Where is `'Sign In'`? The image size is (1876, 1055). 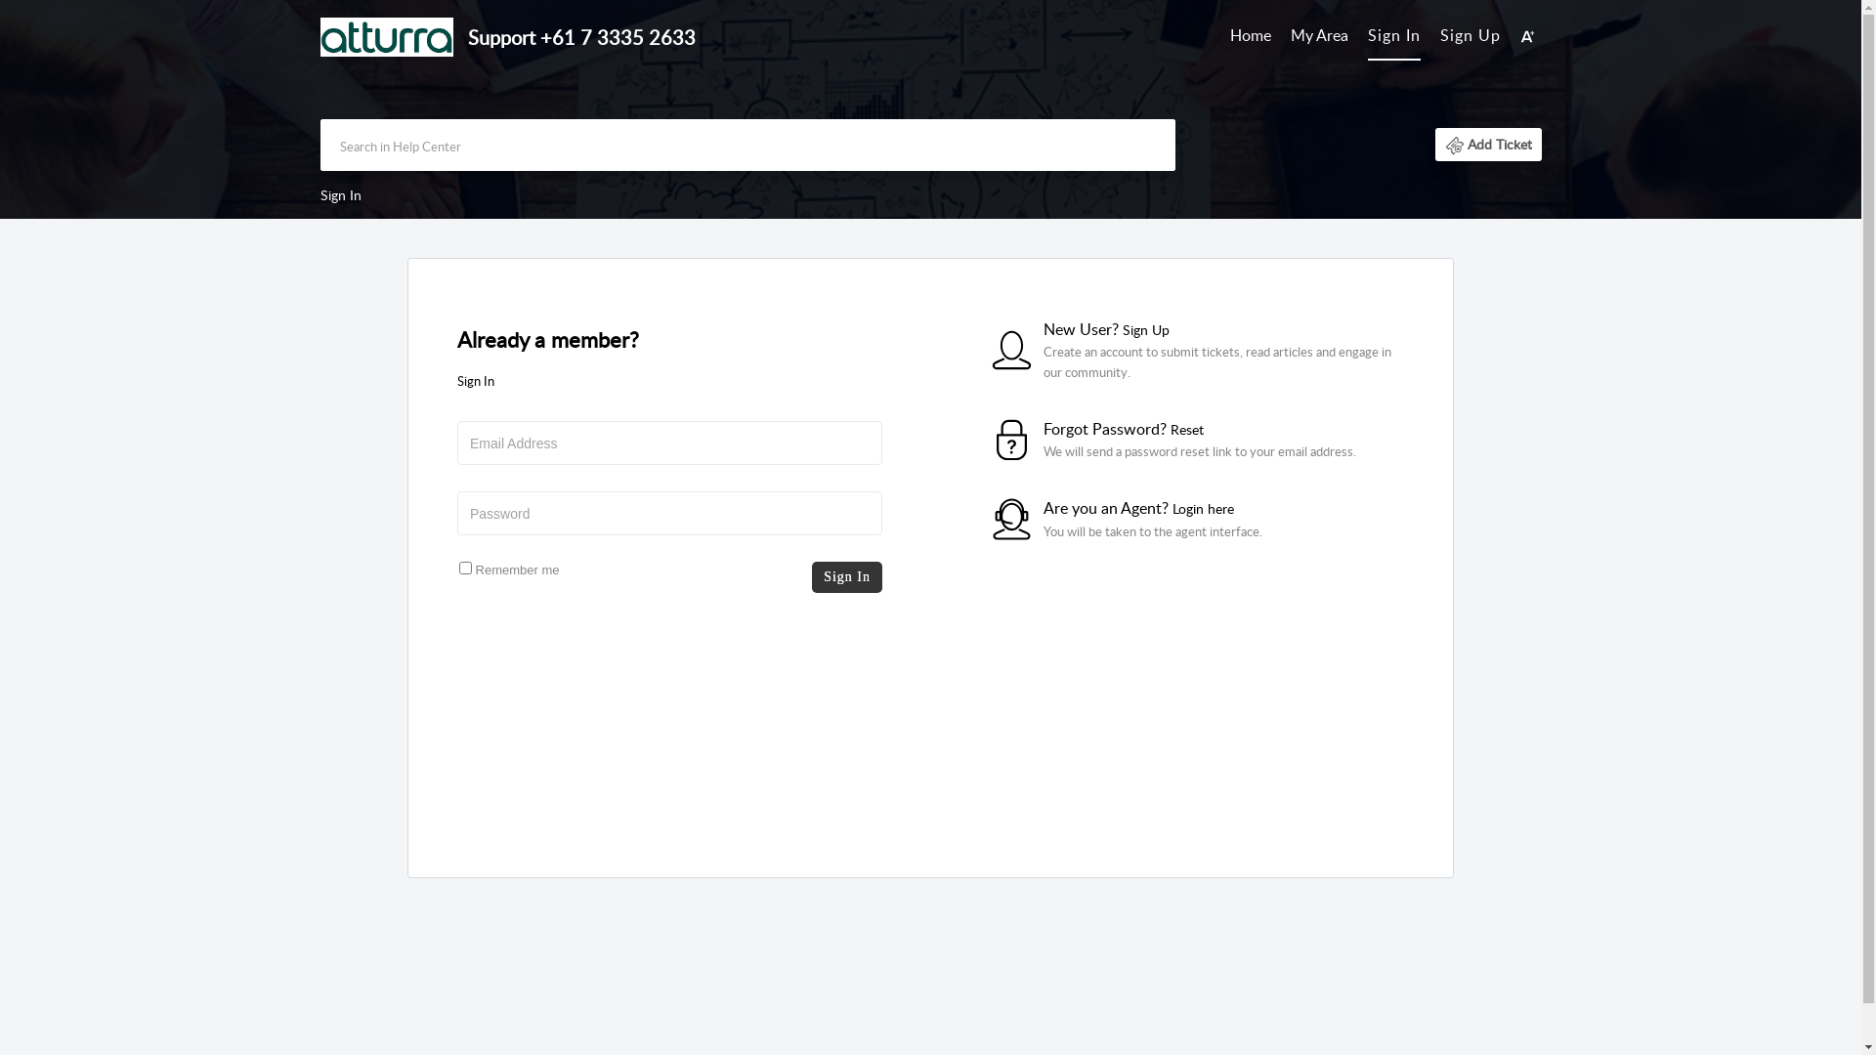 'Sign In' is located at coordinates (1392, 34).